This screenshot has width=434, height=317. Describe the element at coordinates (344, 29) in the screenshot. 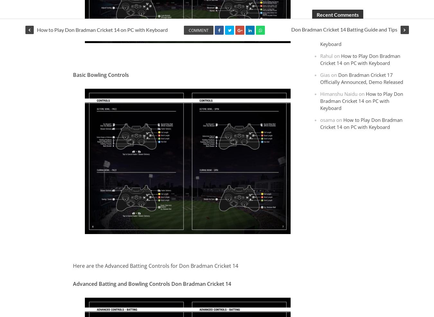

I see `'Don Bradman Cricket 14 Batting Guide and Tips'` at that location.